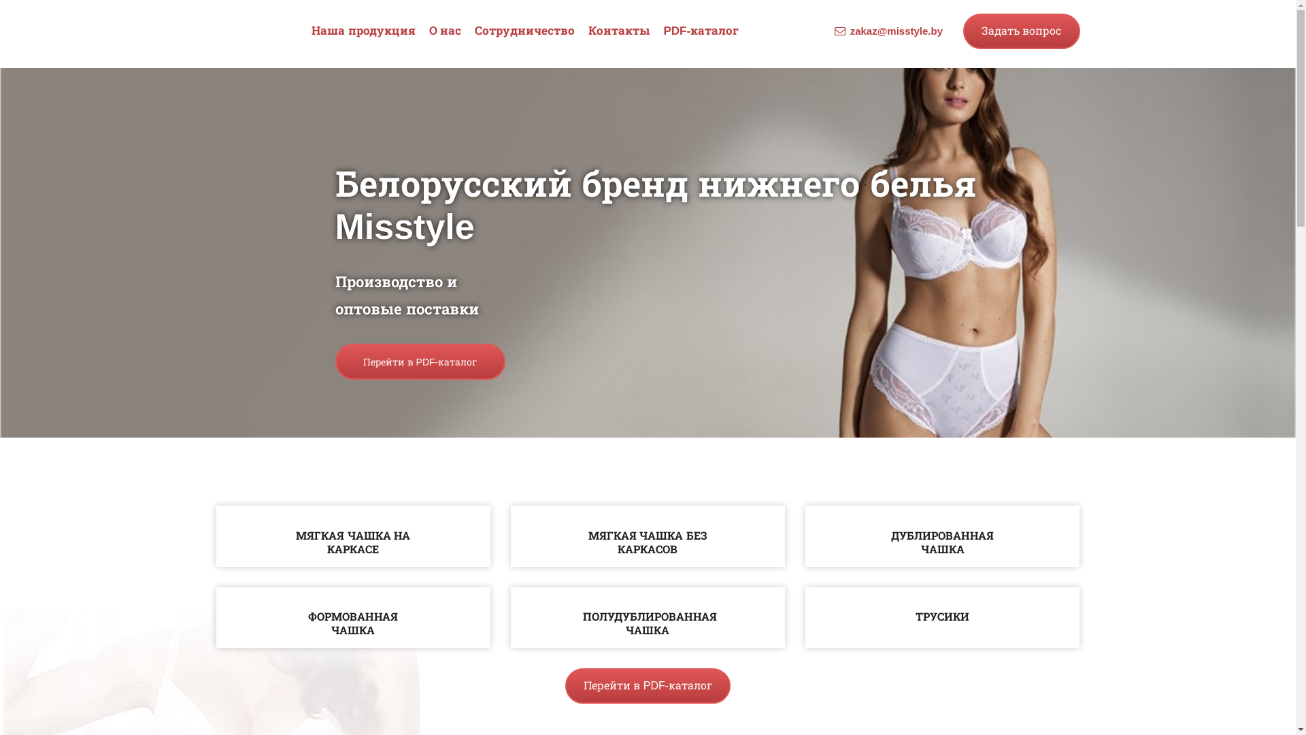 The height and width of the screenshot is (735, 1306). Describe the element at coordinates (897, 31) in the screenshot. I see `'zakaz@misstyle.by'` at that location.